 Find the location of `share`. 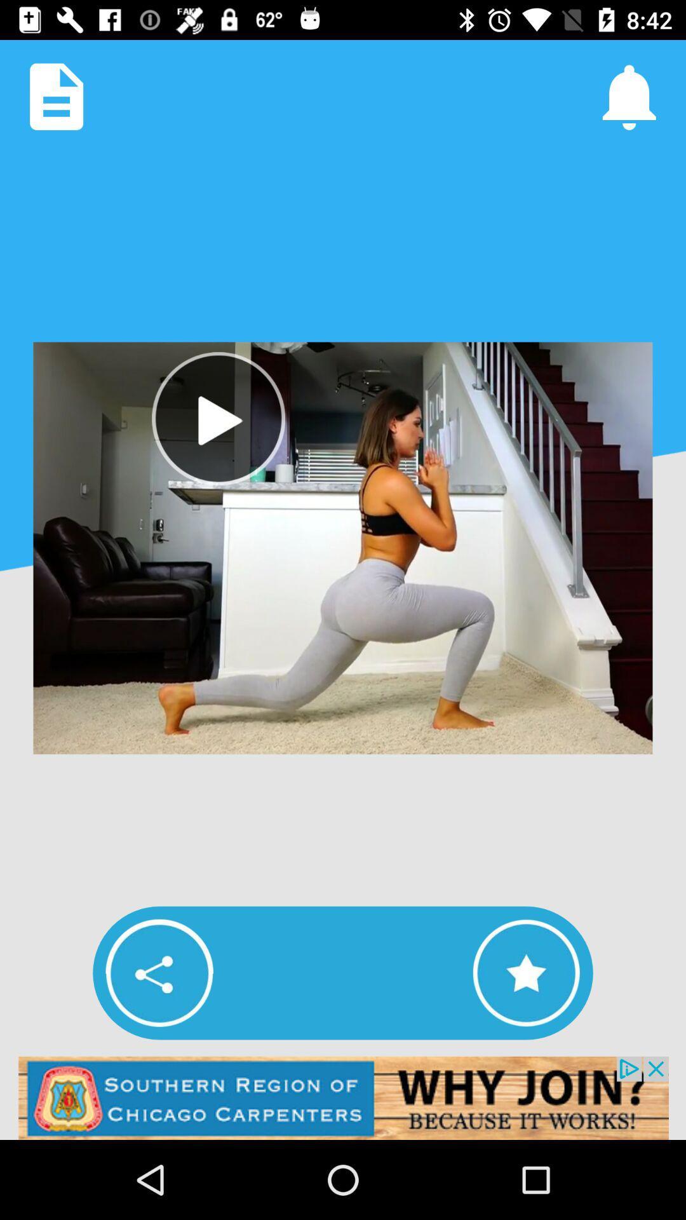

share is located at coordinates (159, 972).